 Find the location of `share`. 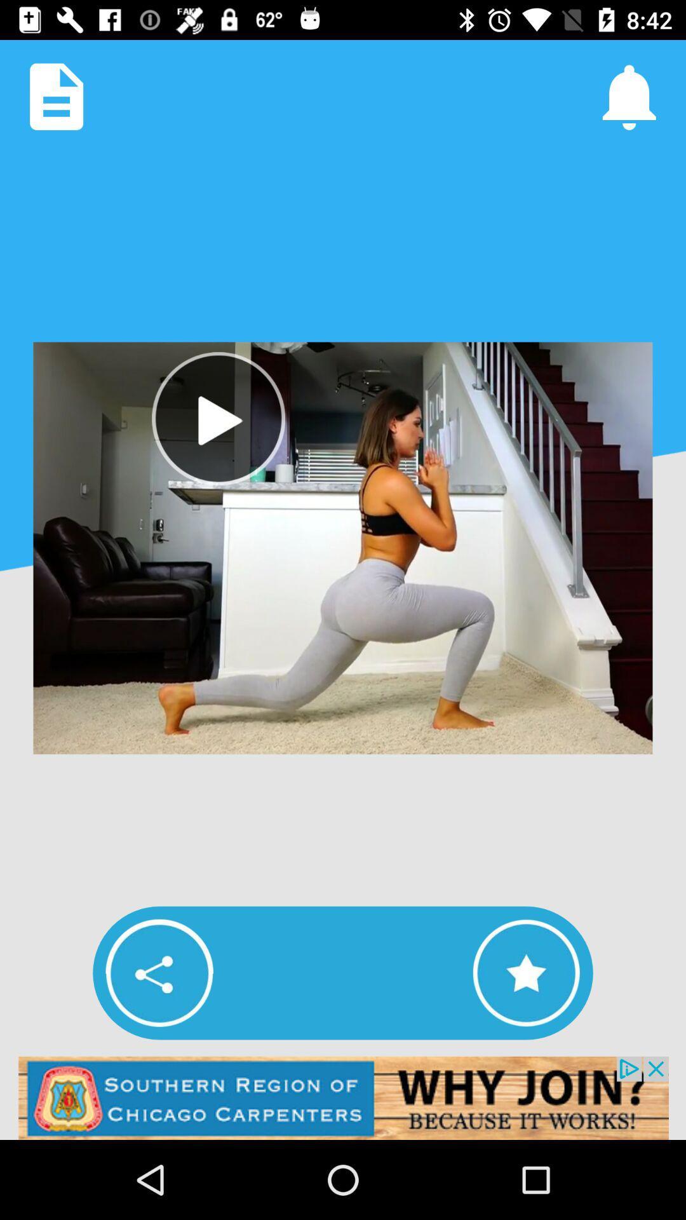

share is located at coordinates (159, 972).